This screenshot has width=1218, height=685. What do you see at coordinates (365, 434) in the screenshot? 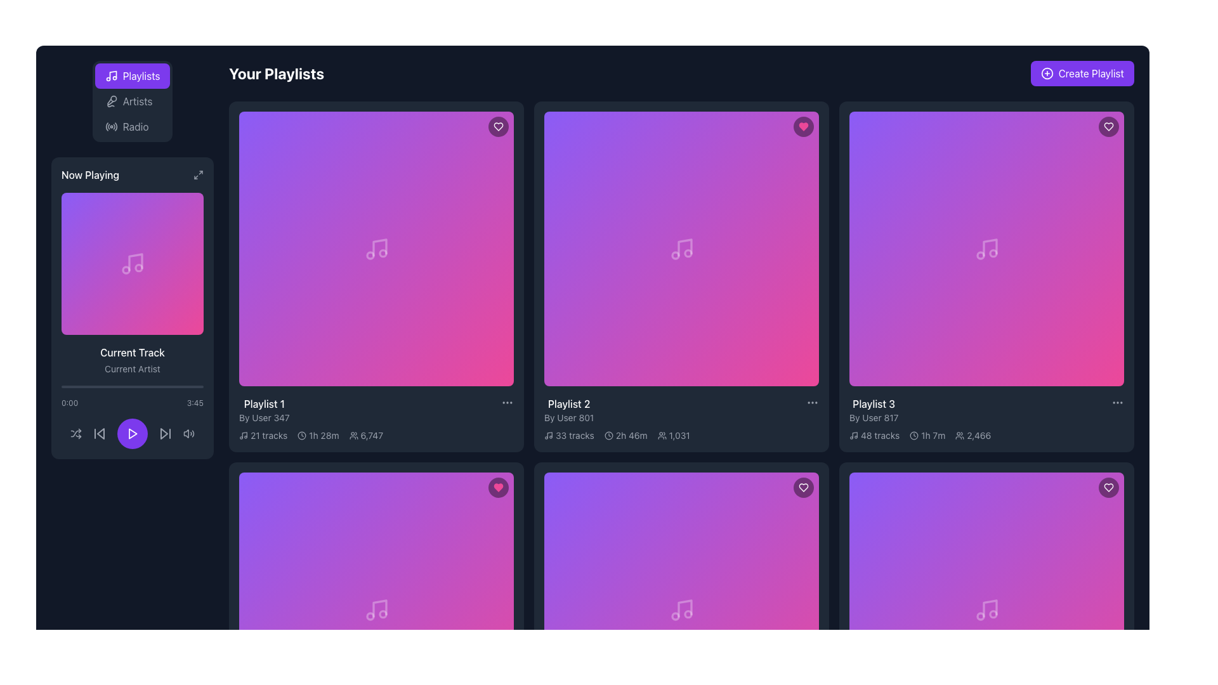
I see `contents of the text element displaying '6,747' alongside an icon of multiple users, which is located below 'Playlist 1 By User 347' and adjacent to '21 tracks' and '1h 28m'` at bounding box center [365, 434].